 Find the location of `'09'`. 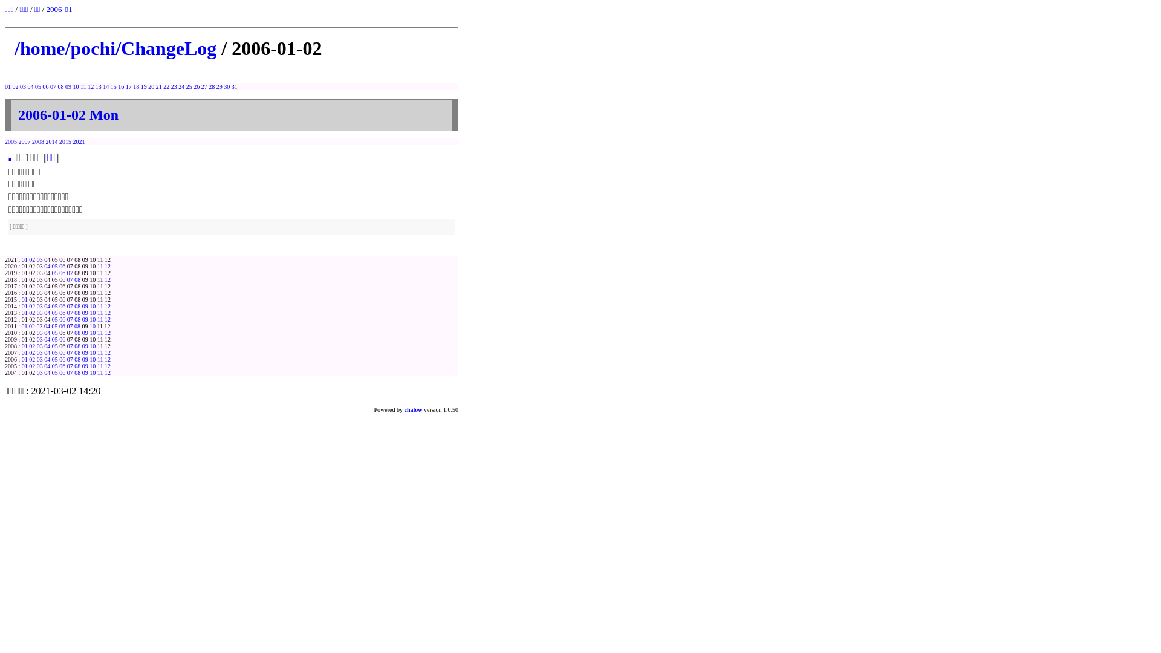

'09' is located at coordinates (68, 86).